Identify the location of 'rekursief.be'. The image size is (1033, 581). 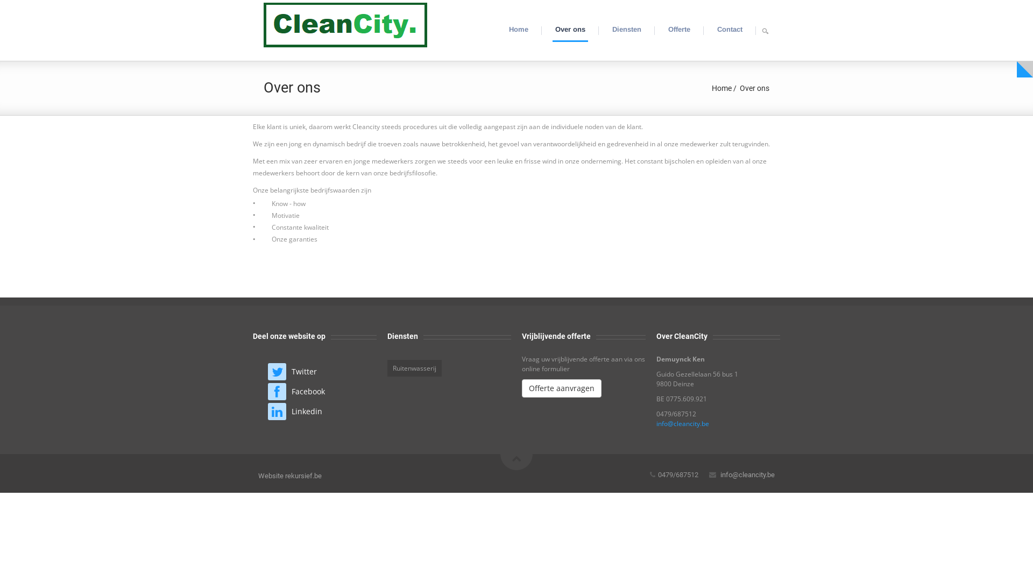
(303, 475).